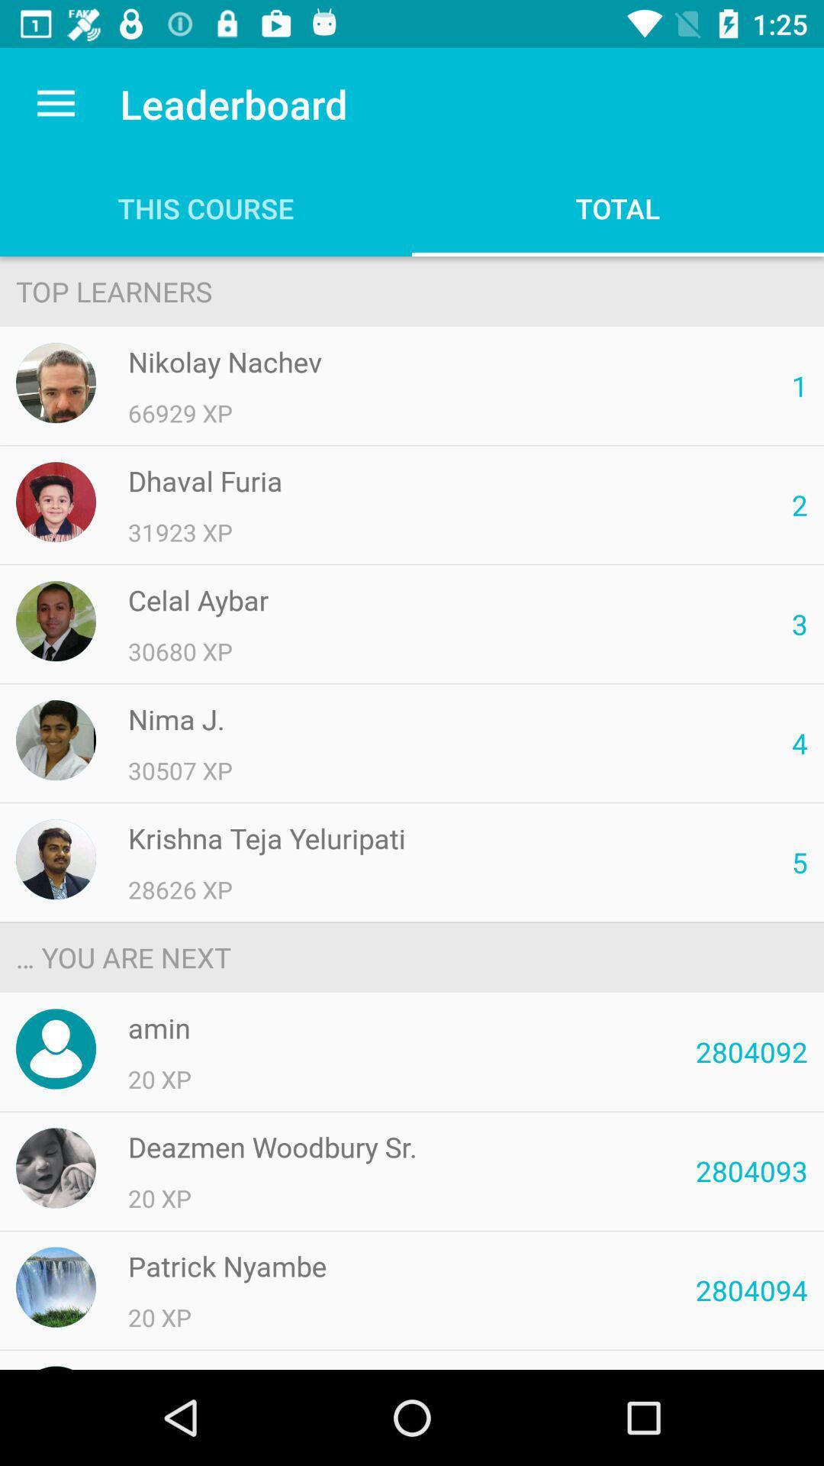 The width and height of the screenshot is (824, 1466). What do you see at coordinates (55, 383) in the screenshot?
I see `nikolay nachev` at bounding box center [55, 383].